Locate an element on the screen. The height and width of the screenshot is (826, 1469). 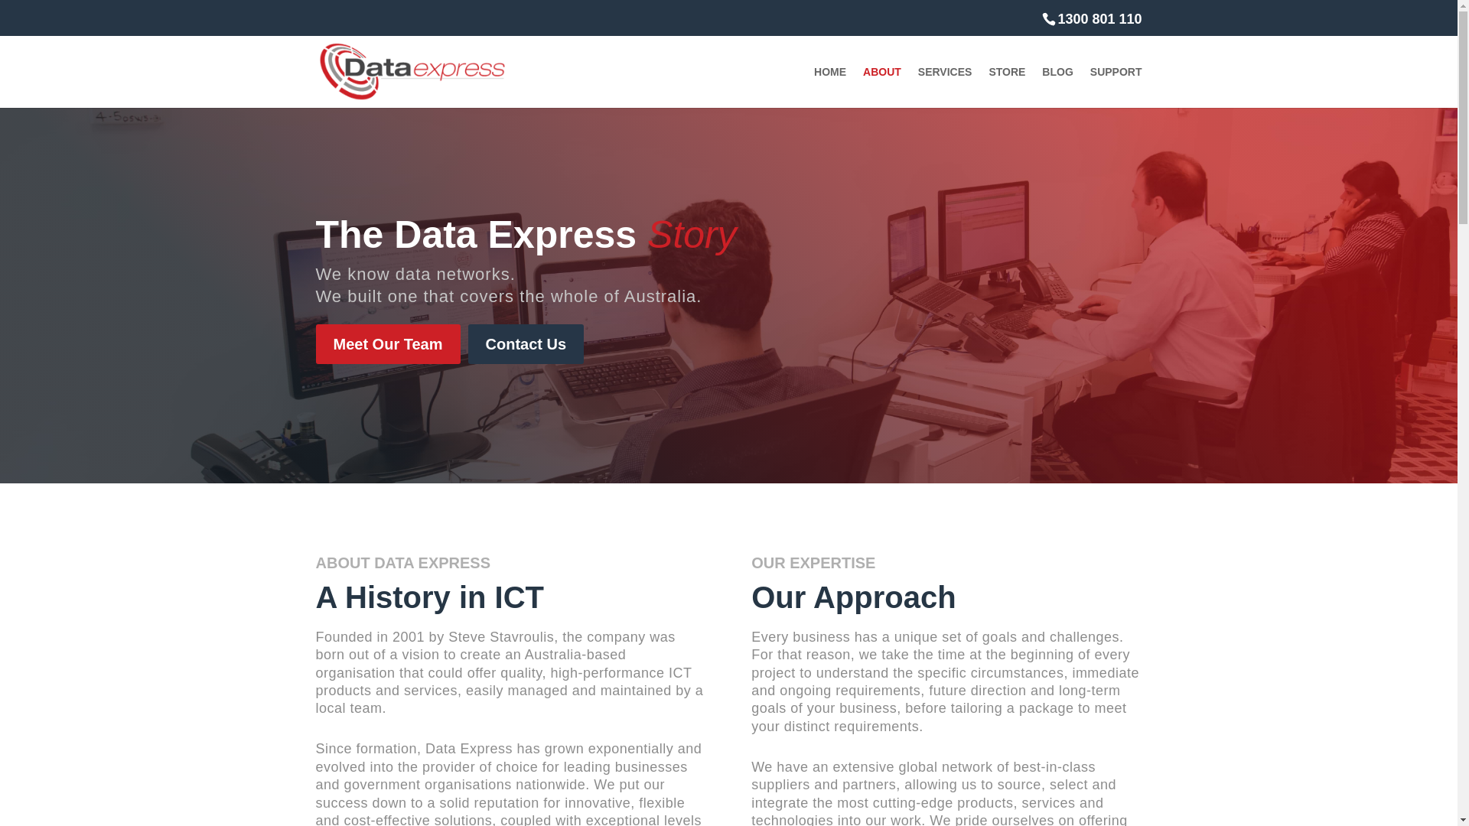
'Contact Us' is located at coordinates (526, 344).